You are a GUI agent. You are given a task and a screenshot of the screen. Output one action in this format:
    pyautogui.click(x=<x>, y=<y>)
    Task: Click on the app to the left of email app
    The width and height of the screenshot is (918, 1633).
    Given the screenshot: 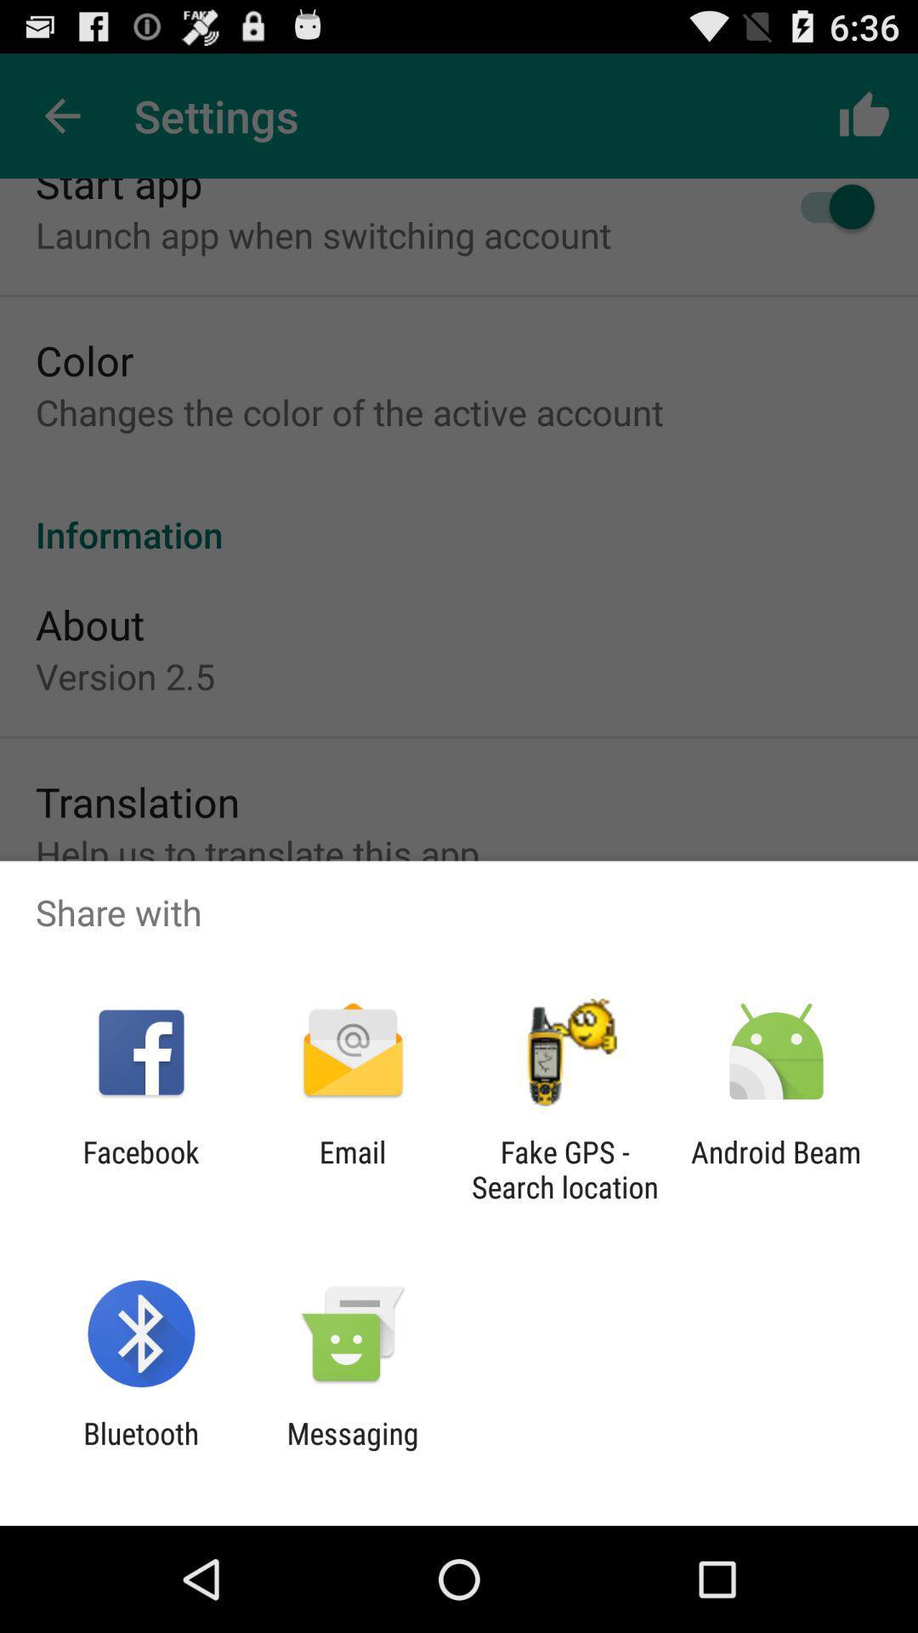 What is the action you would take?
    pyautogui.click(x=140, y=1169)
    